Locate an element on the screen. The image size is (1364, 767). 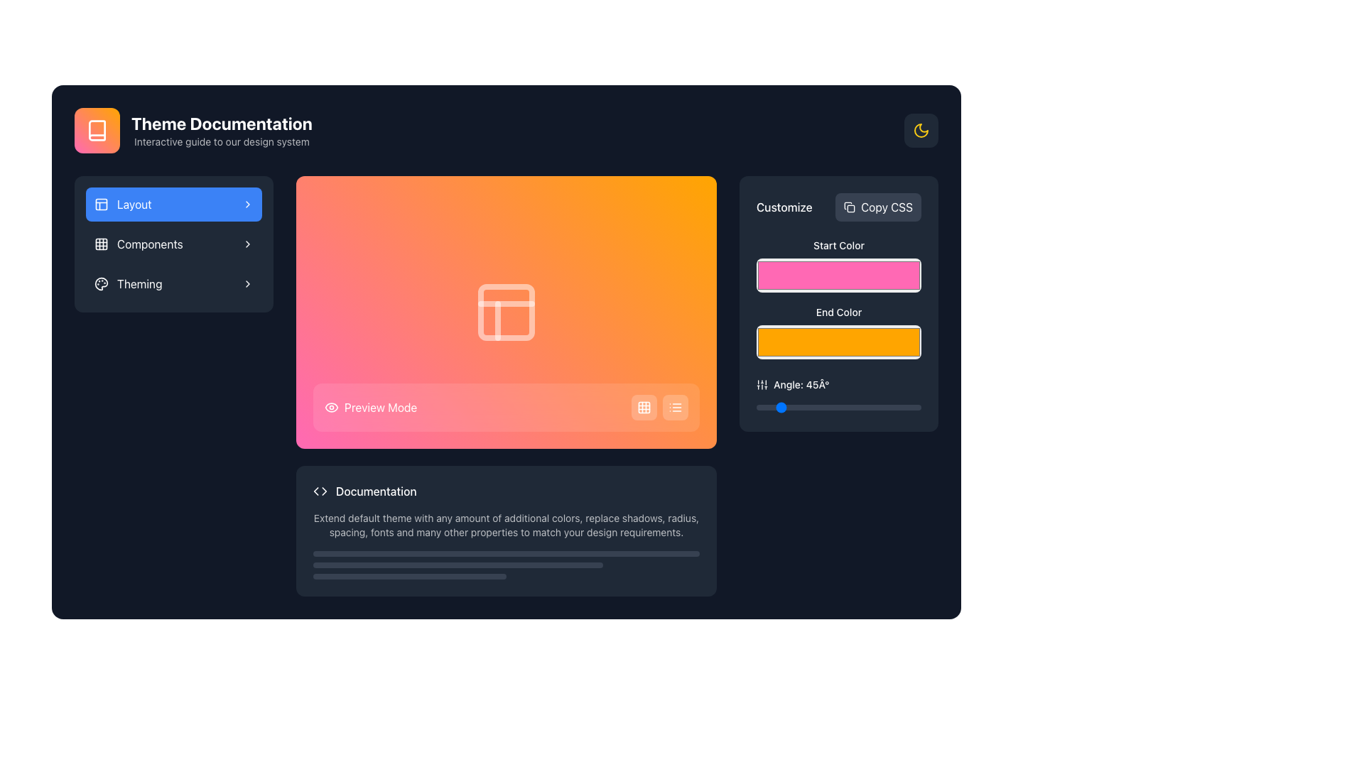
the documentation icon, which is centered within a square card with a gradient background in the top-left corner of the header is located at coordinates (97, 131).